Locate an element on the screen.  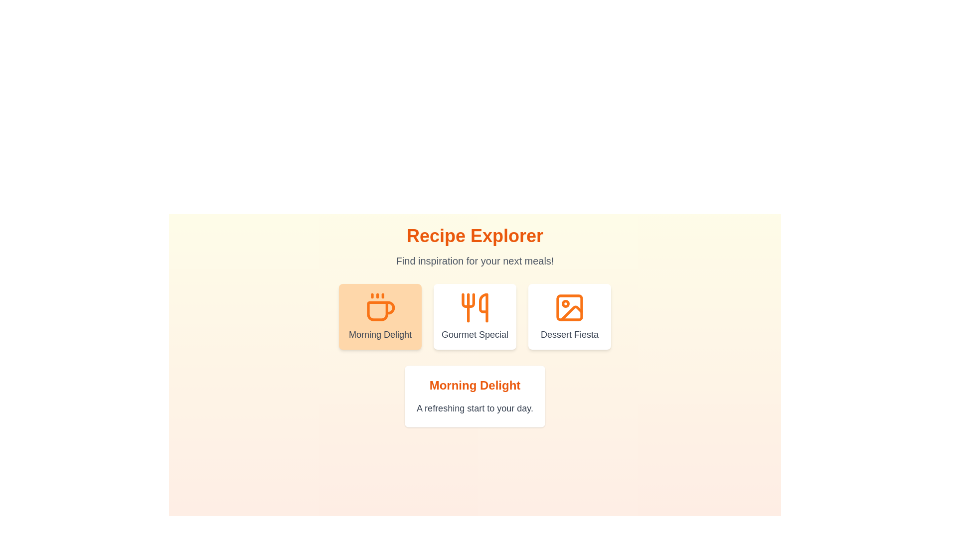
the 'Morning Delight' icon is located at coordinates (380, 307).